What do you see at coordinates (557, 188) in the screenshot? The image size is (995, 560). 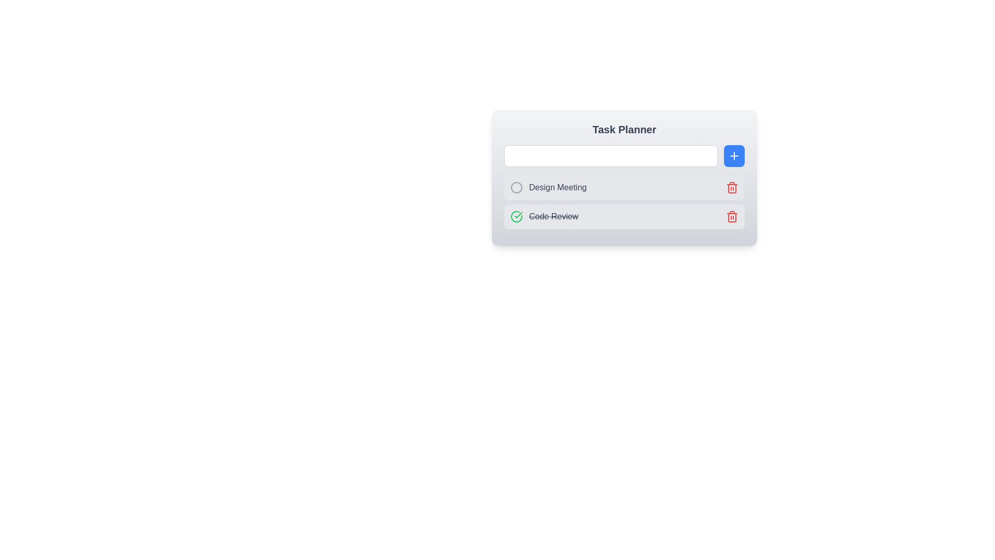 I see `the 'Design Meeting' text element, which is a dark gray label in the task planner section, positioned to the right of a circular icon` at bounding box center [557, 188].